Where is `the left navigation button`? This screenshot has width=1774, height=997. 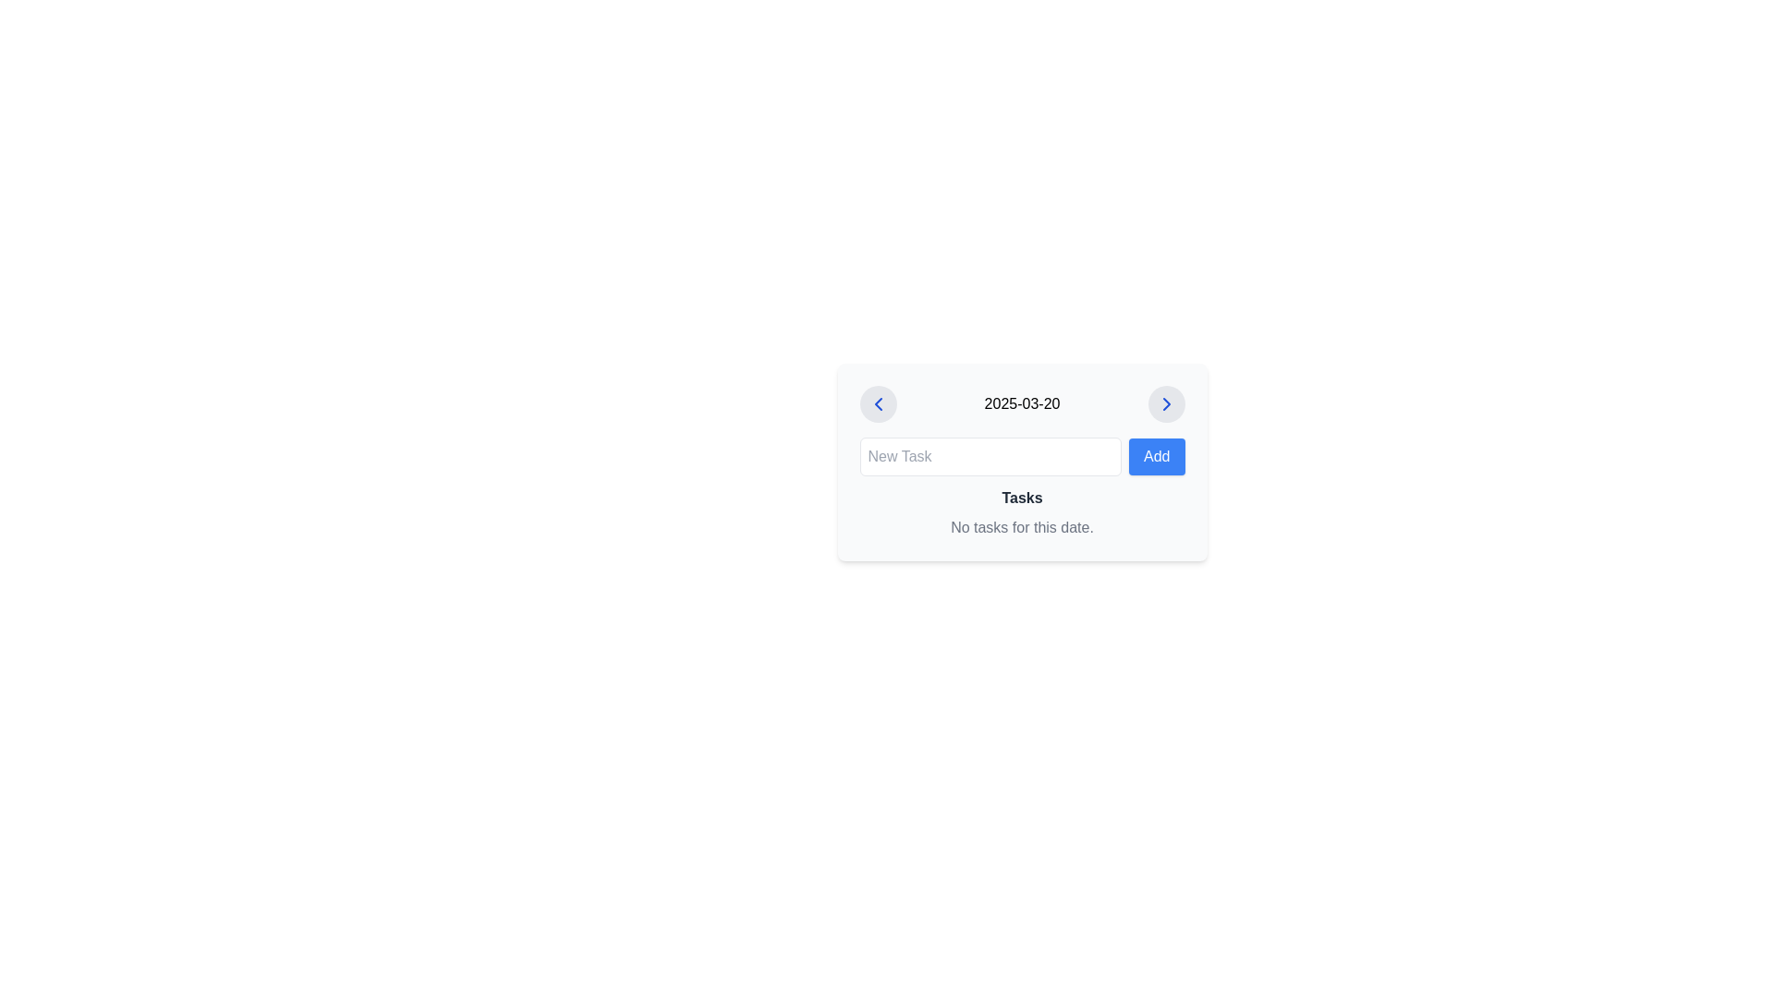
the left navigation button is located at coordinates (877, 403).